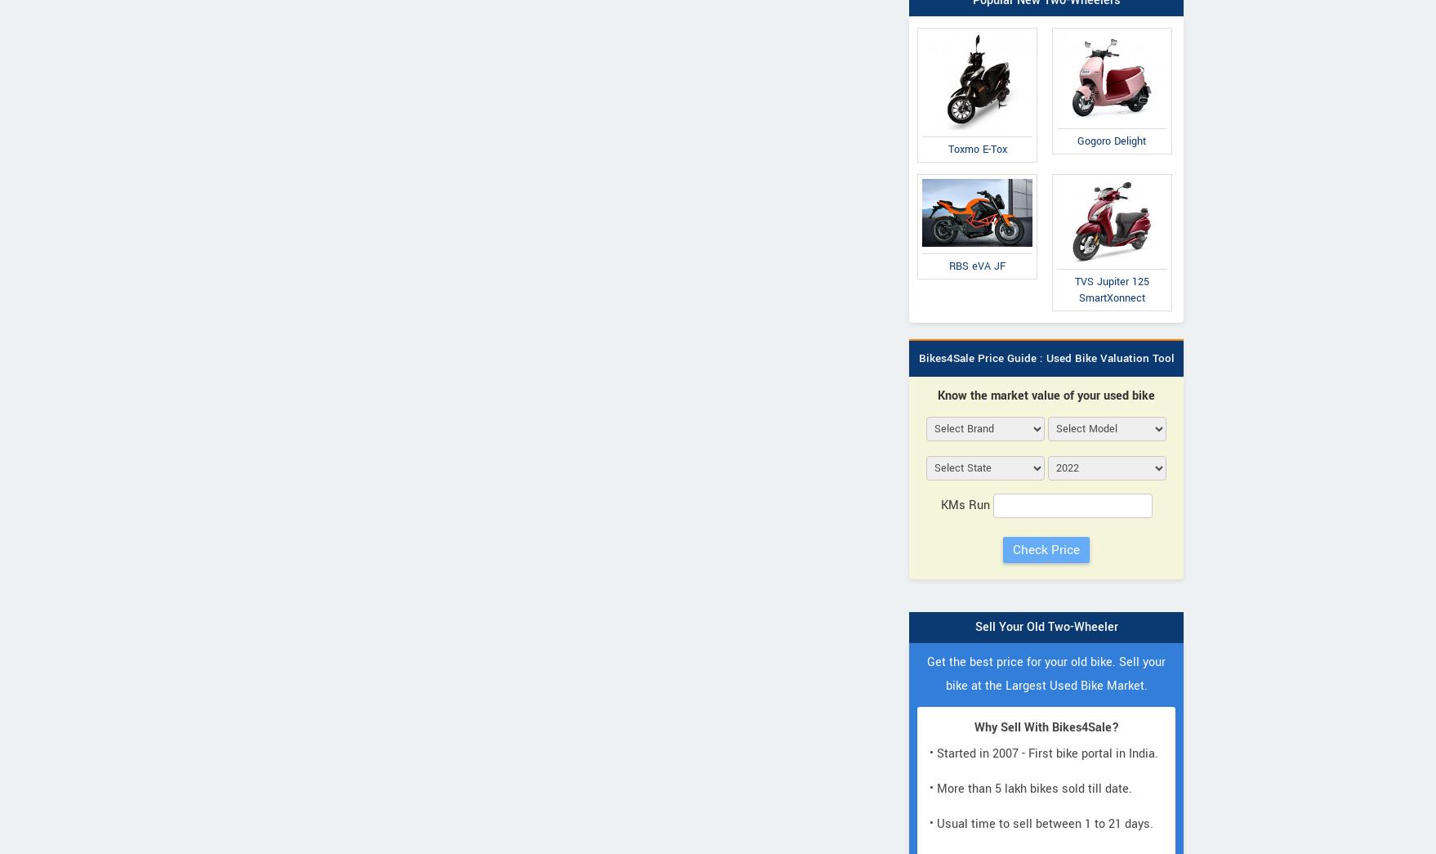  I want to click on '• Started in 2007 - First bike portal in India.', so click(1044, 753).